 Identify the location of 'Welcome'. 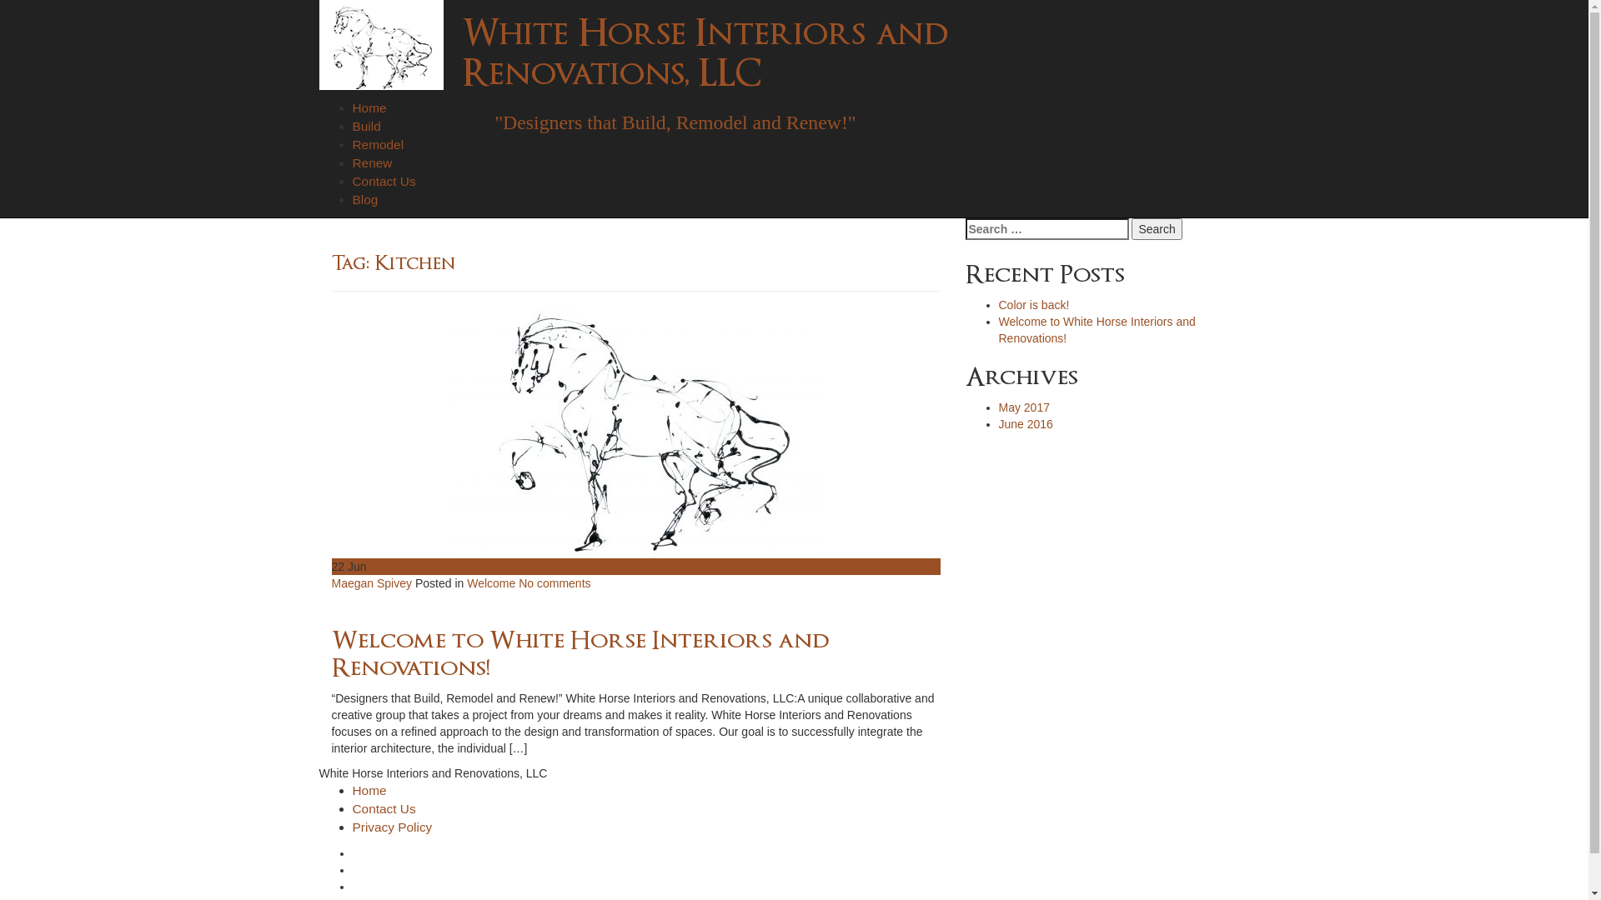
(490, 582).